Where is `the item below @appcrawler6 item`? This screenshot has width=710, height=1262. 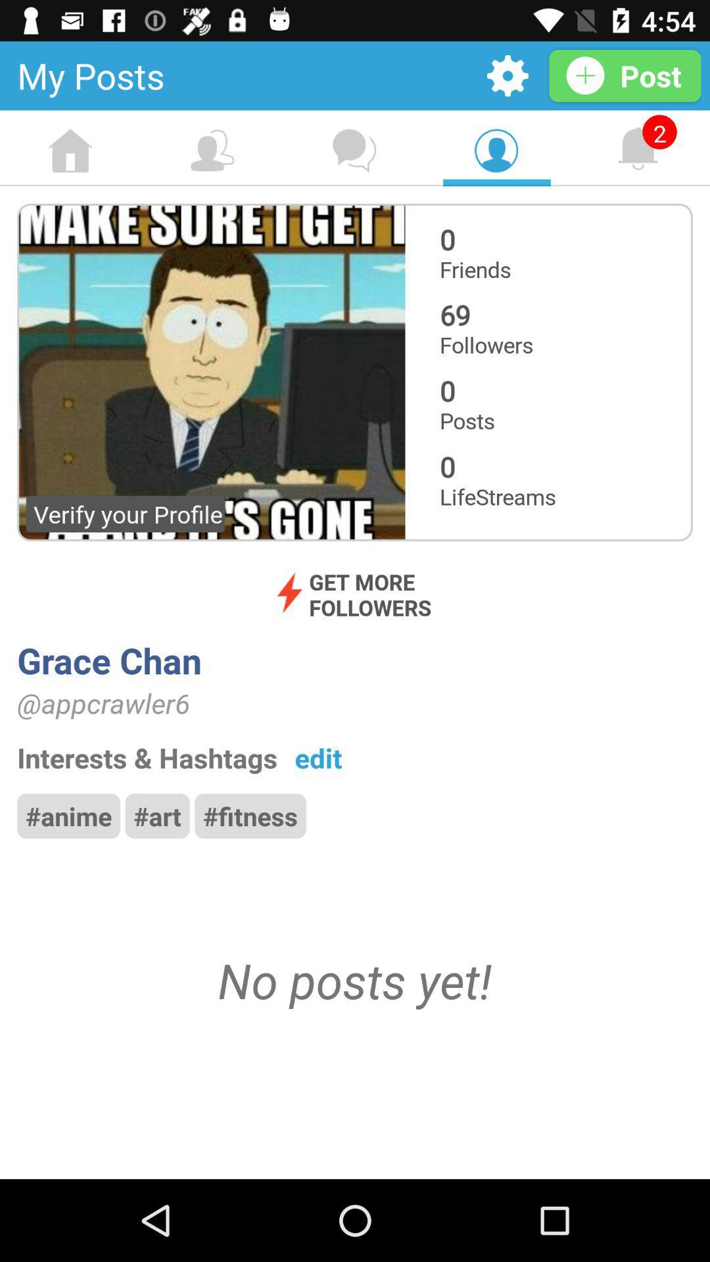 the item below @appcrawler6 item is located at coordinates (318, 757).